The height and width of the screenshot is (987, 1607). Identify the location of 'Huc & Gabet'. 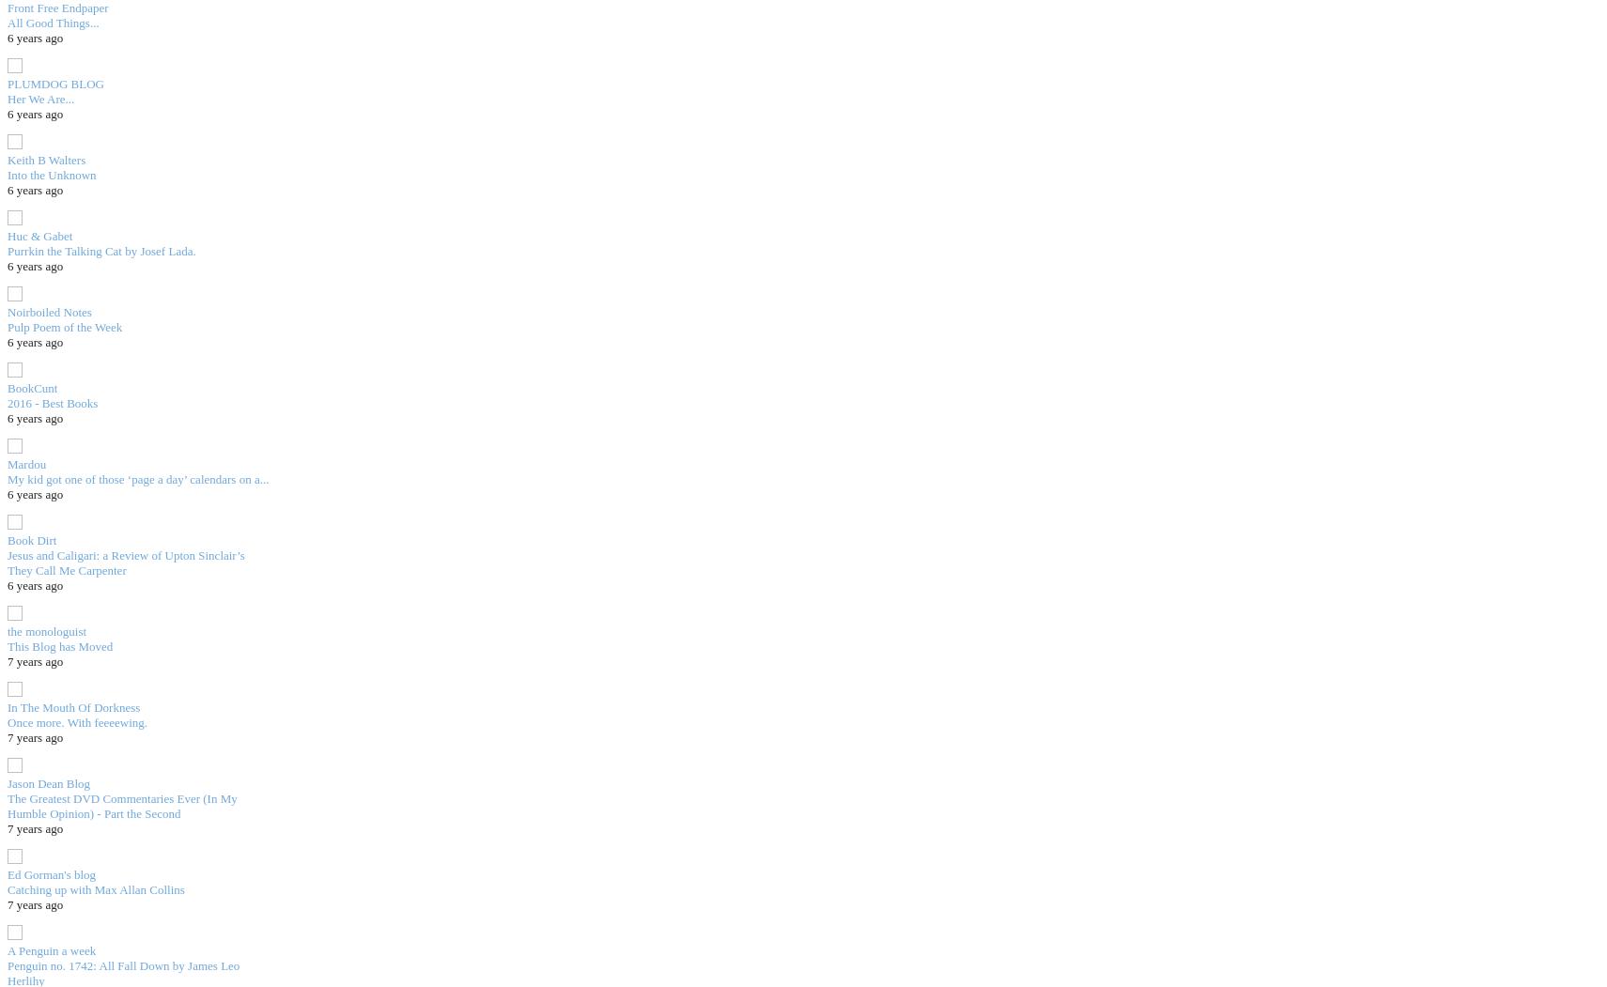
(7, 235).